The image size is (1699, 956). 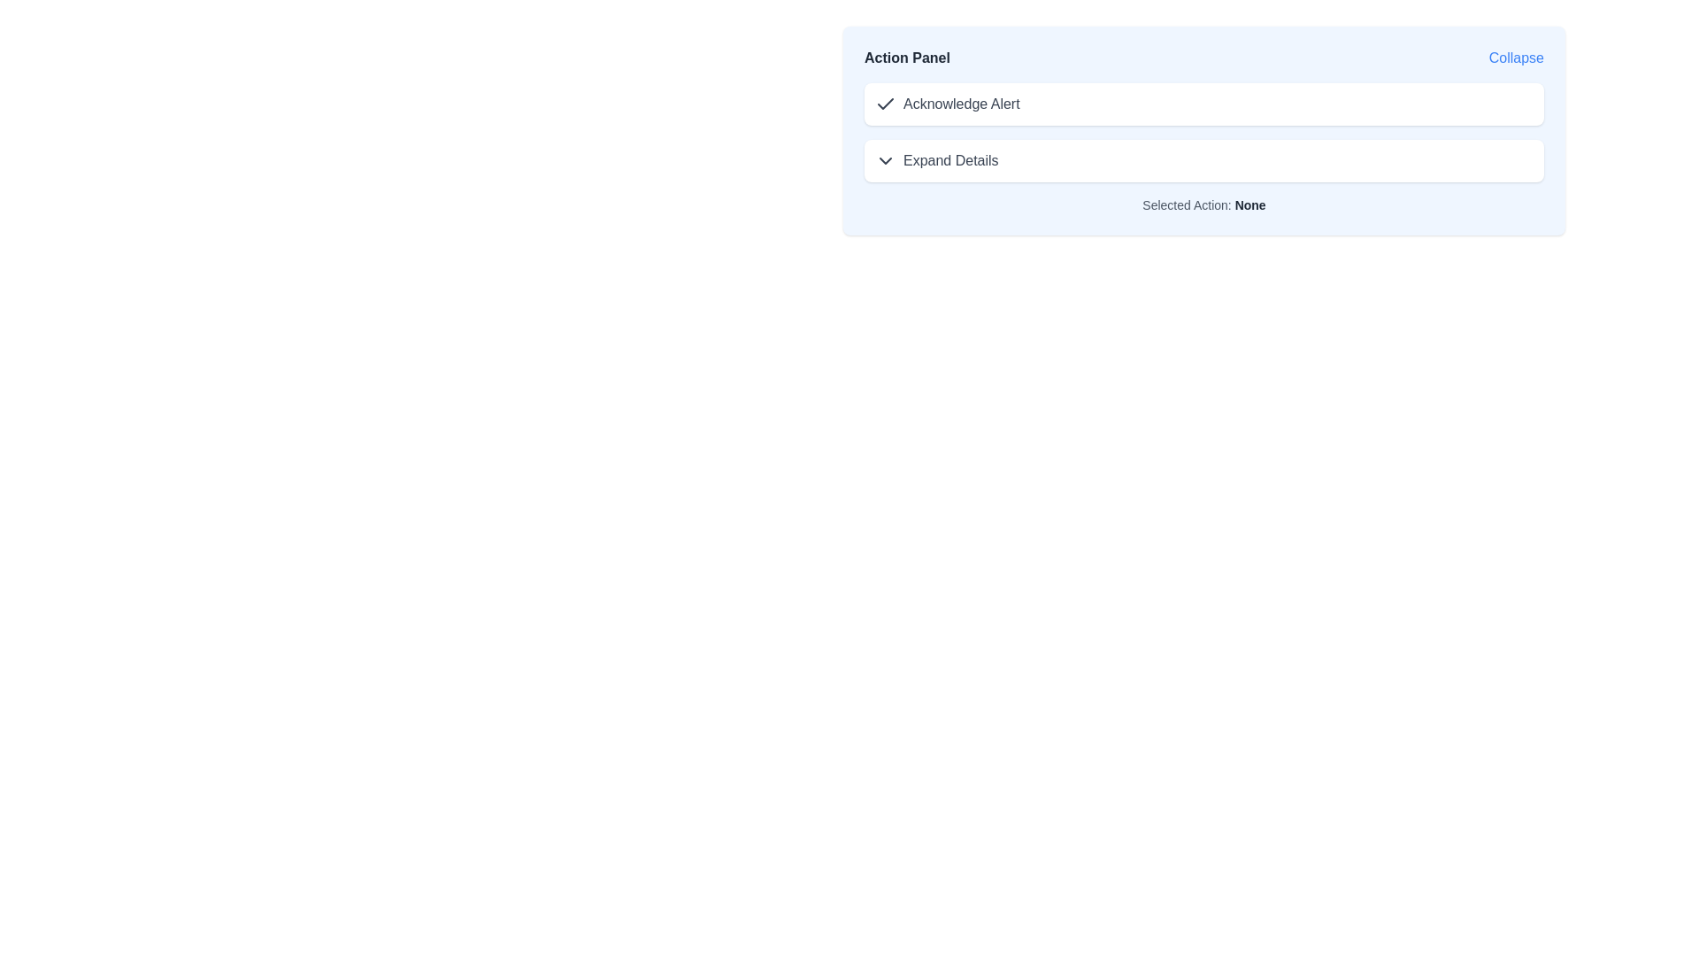 What do you see at coordinates (935, 160) in the screenshot?
I see `the 'Expand Details' interactive button with a downward arrow icon` at bounding box center [935, 160].